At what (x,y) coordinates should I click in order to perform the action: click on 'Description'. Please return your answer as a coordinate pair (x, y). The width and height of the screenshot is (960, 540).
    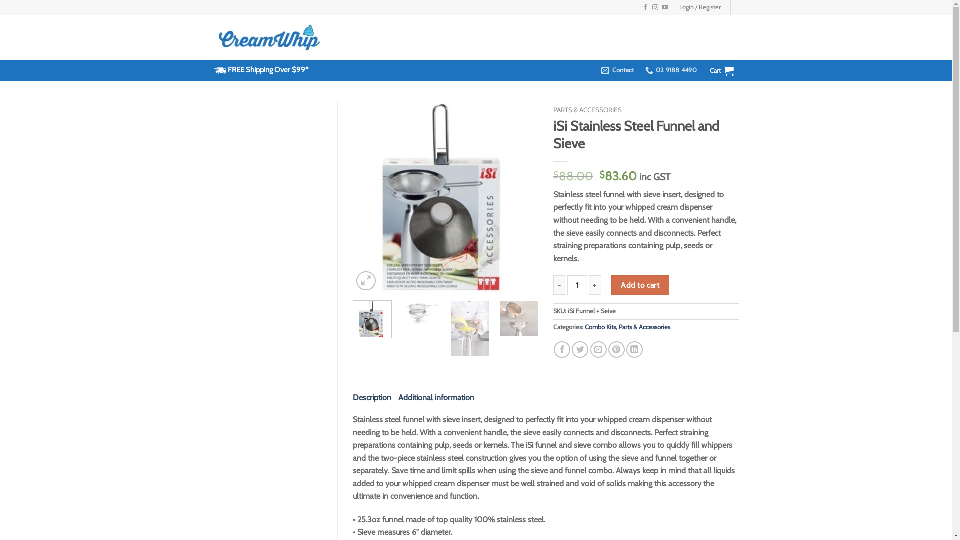
    Looking at the image, I should click on (371, 397).